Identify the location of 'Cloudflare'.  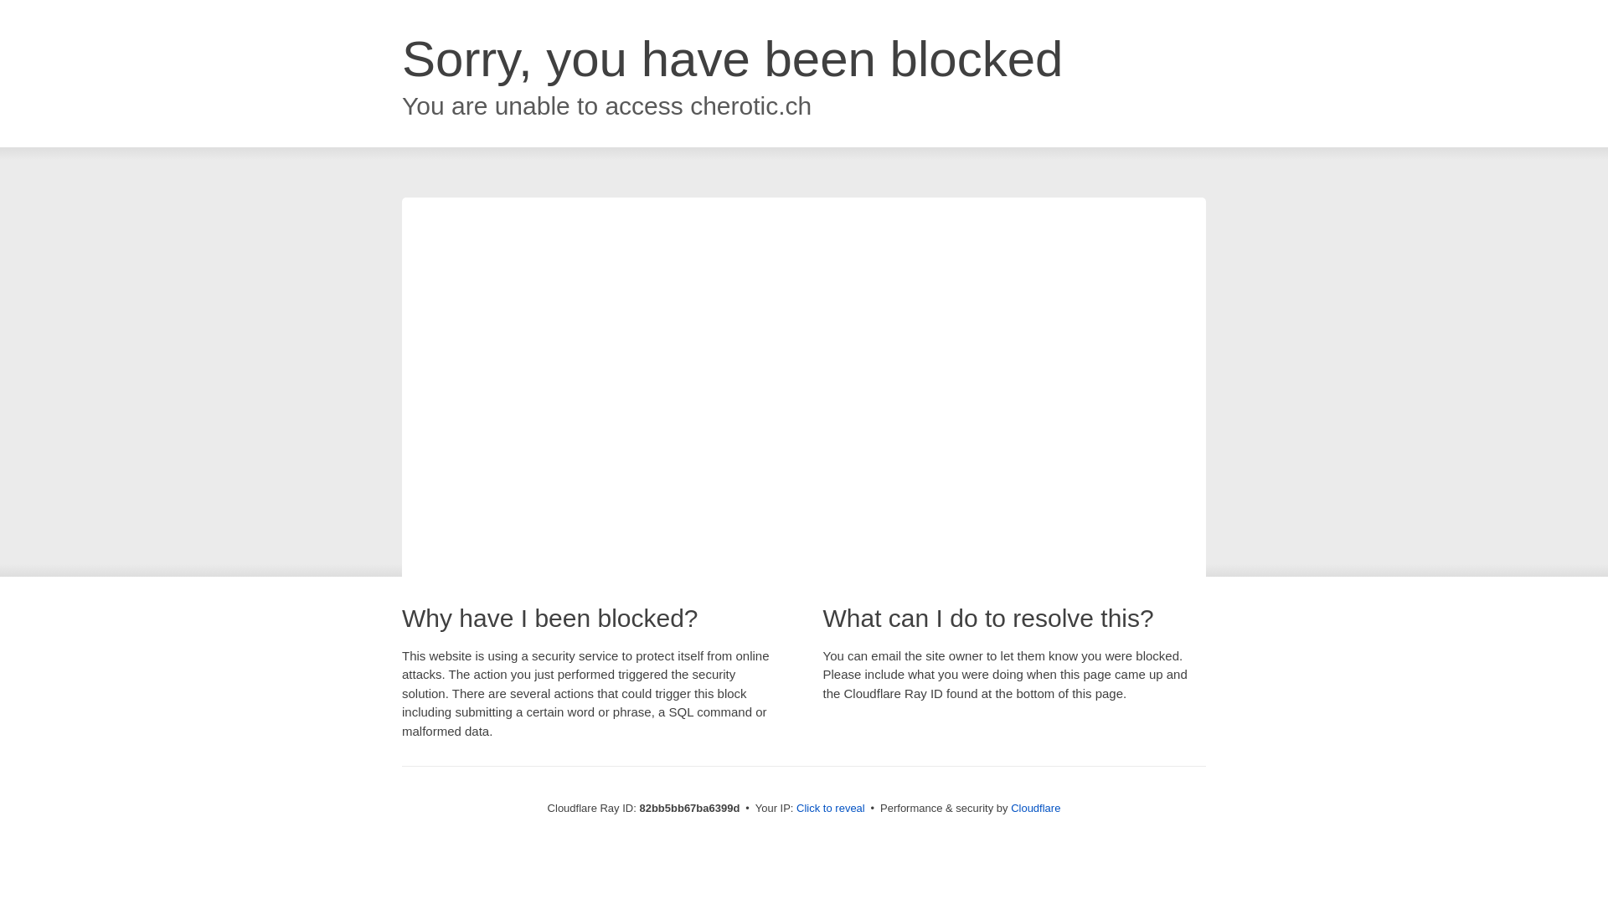
(1034, 807).